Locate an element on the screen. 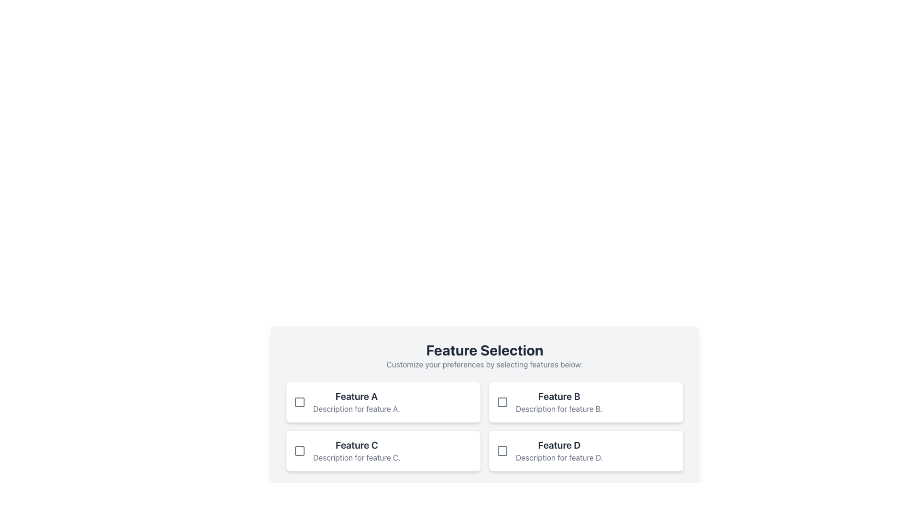  the text label displaying 'Description for feature D.' which is styled in gray and located below the title 'Feature D' is located at coordinates (559, 457).